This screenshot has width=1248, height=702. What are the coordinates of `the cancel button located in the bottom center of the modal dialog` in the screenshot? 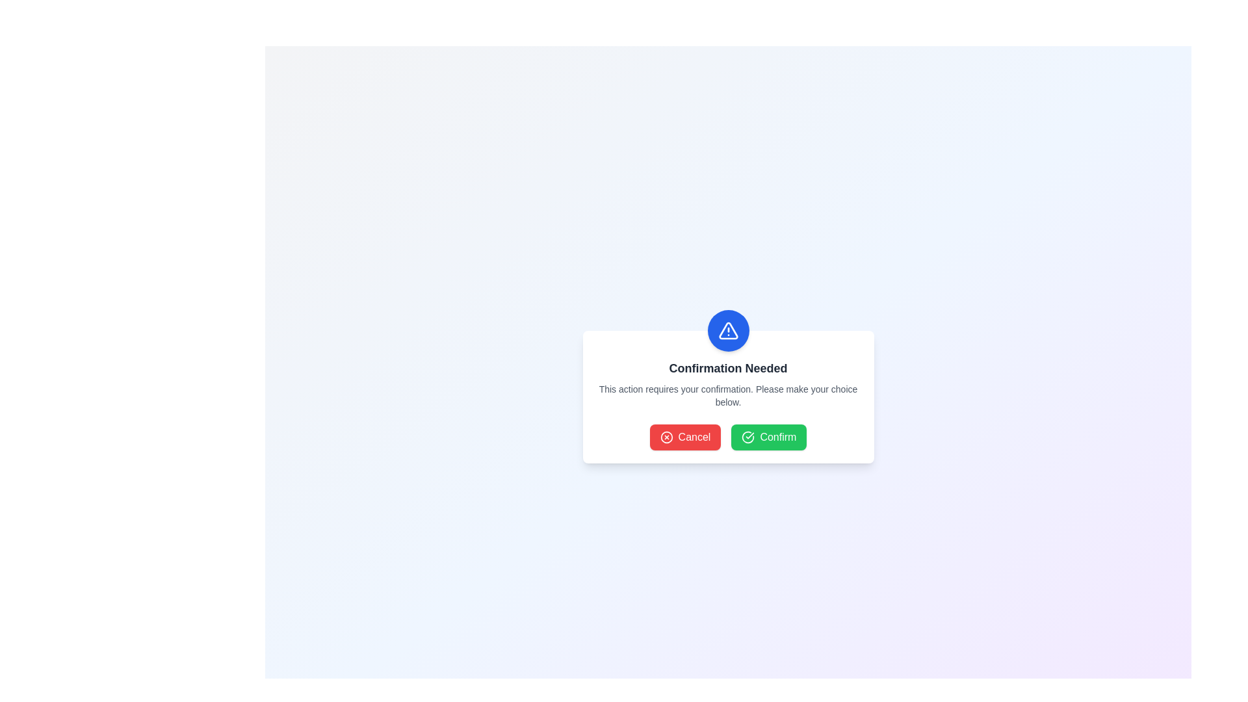 It's located at (684, 437).